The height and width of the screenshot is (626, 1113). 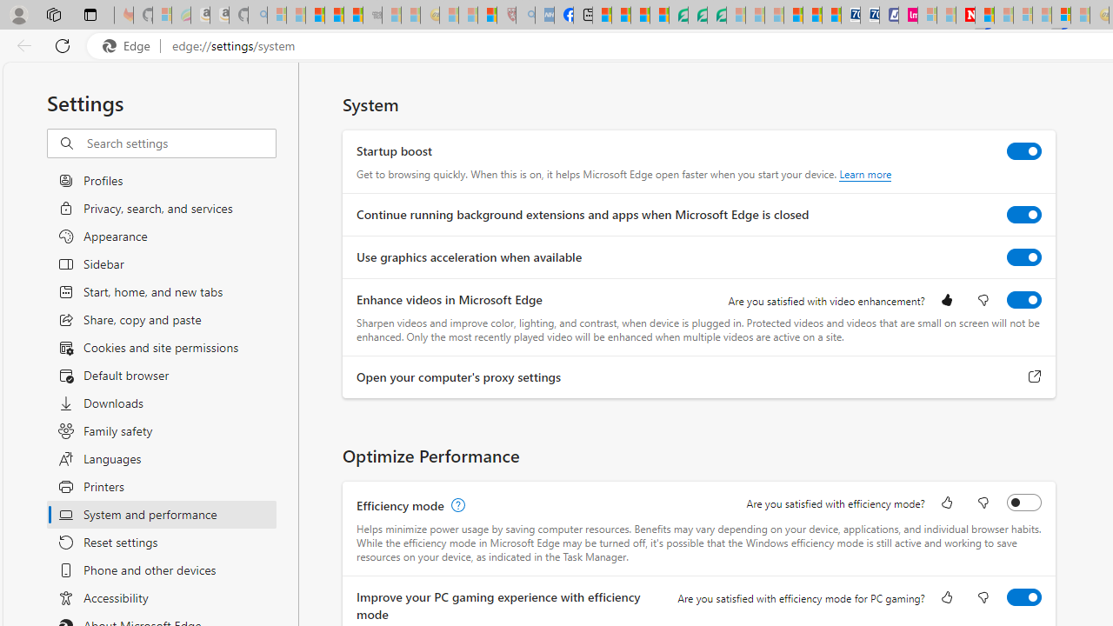 What do you see at coordinates (1024, 298) in the screenshot?
I see `'Enhance videos in Microsoft Edge'` at bounding box center [1024, 298].